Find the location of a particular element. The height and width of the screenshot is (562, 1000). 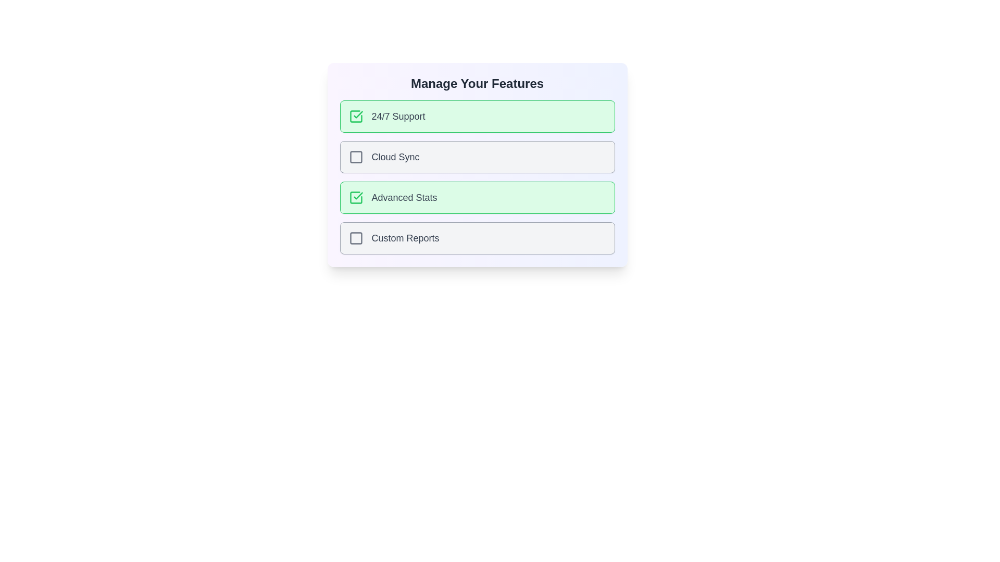

the gray checkbox icon located is located at coordinates (356, 157).